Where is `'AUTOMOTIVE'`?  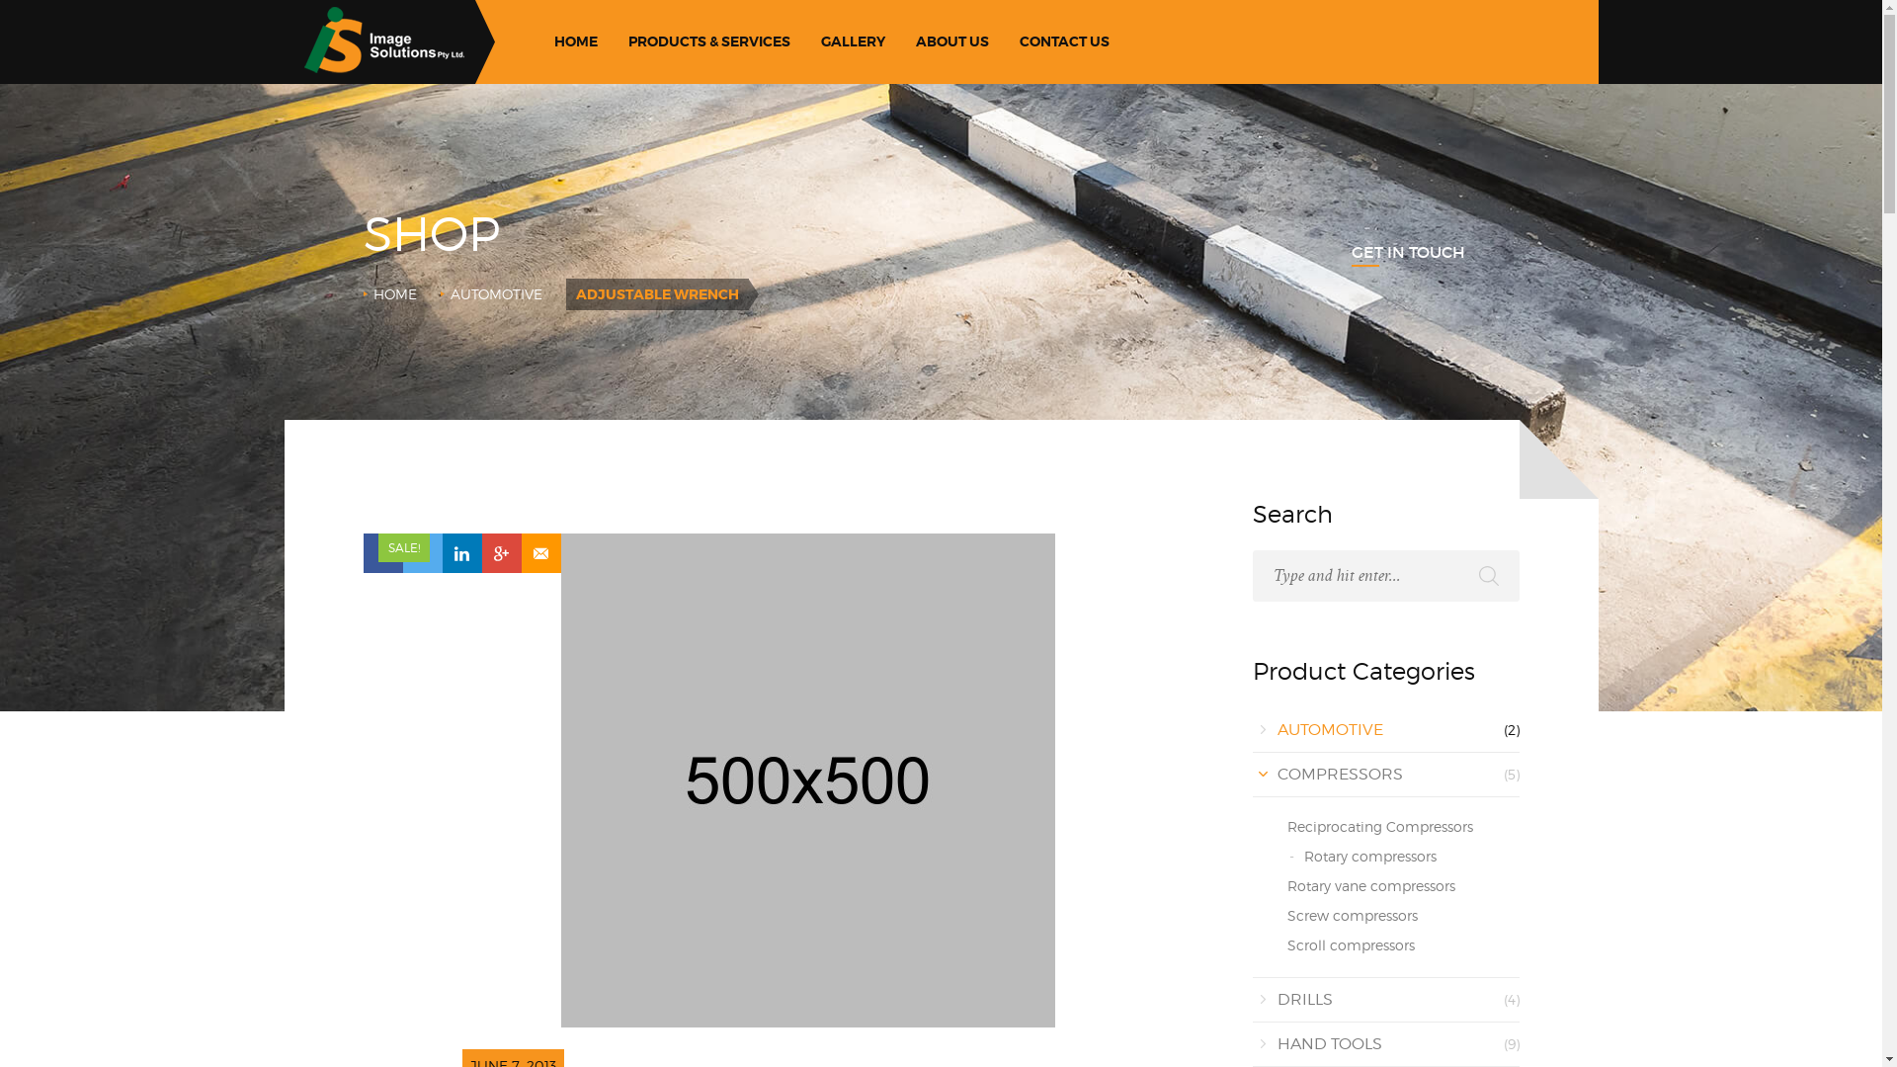
'AUTOMOTIVE' is located at coordinates (496, 293).